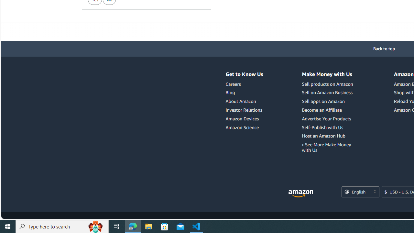 This screenshot has width=414, height=233. Describe the element at coordinates (328, 136) in the screenshot. I see `'Host an Amazon Hub'` at that location.